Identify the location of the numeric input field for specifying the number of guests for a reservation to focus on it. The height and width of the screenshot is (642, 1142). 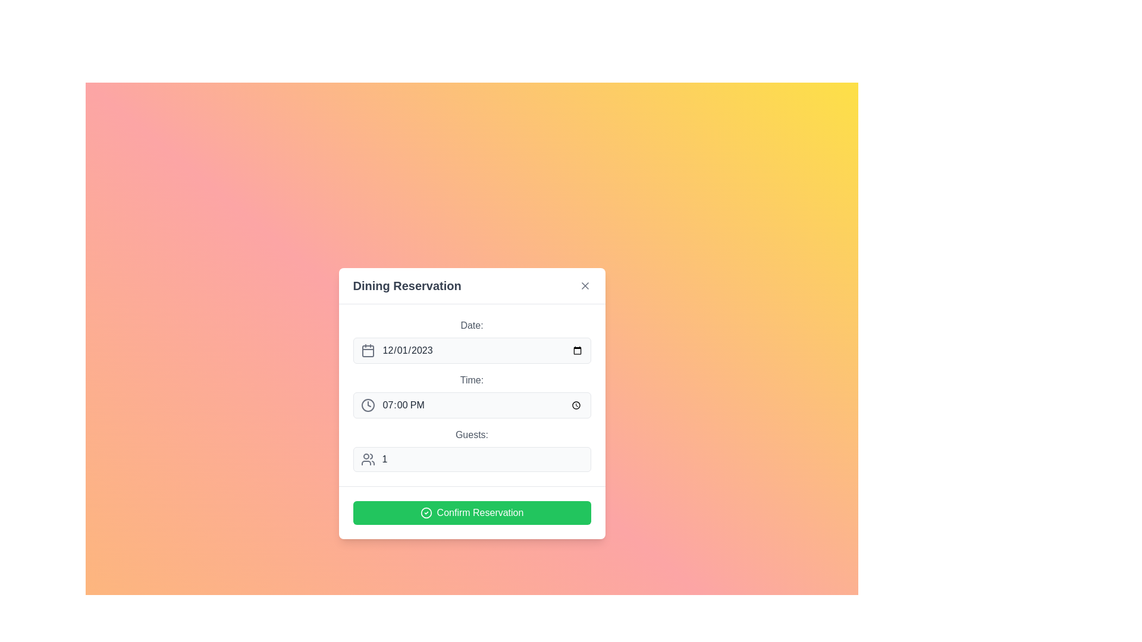
(471, 458).